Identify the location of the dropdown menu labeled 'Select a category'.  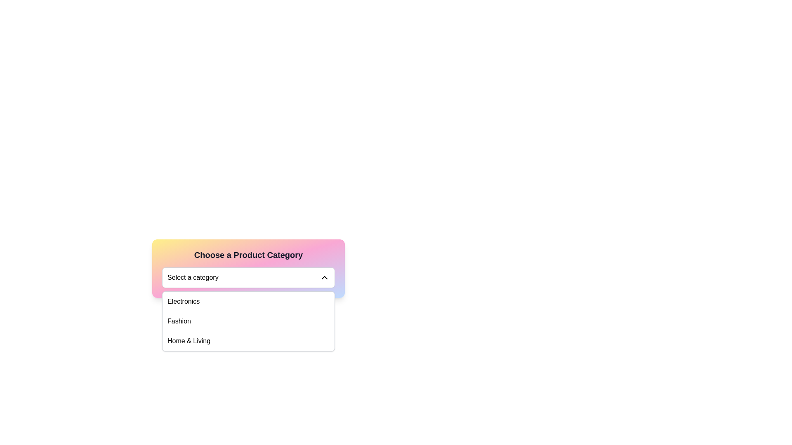
(248, 278).